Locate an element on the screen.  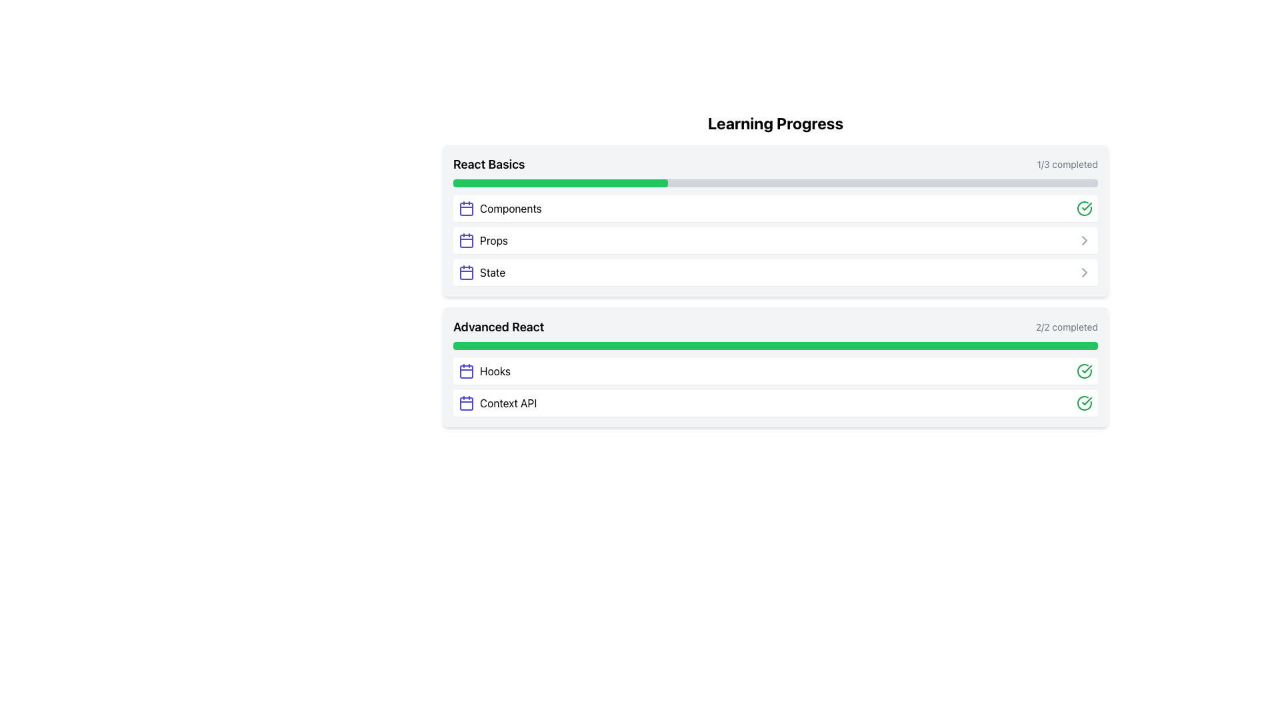
the text label indicating the completion progress of the 'React Basics' section in the 'Learning Progress' area is located at coordinates (1067, 163).